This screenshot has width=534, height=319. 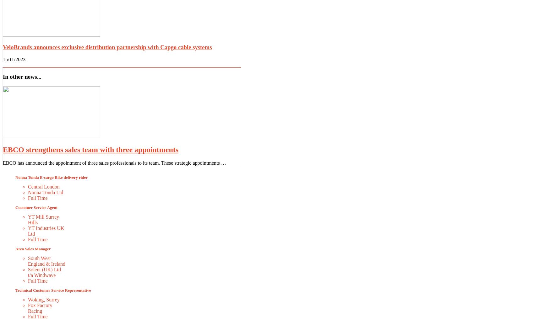 I want to click on '15/11/2023', so click(x=14, y=59).